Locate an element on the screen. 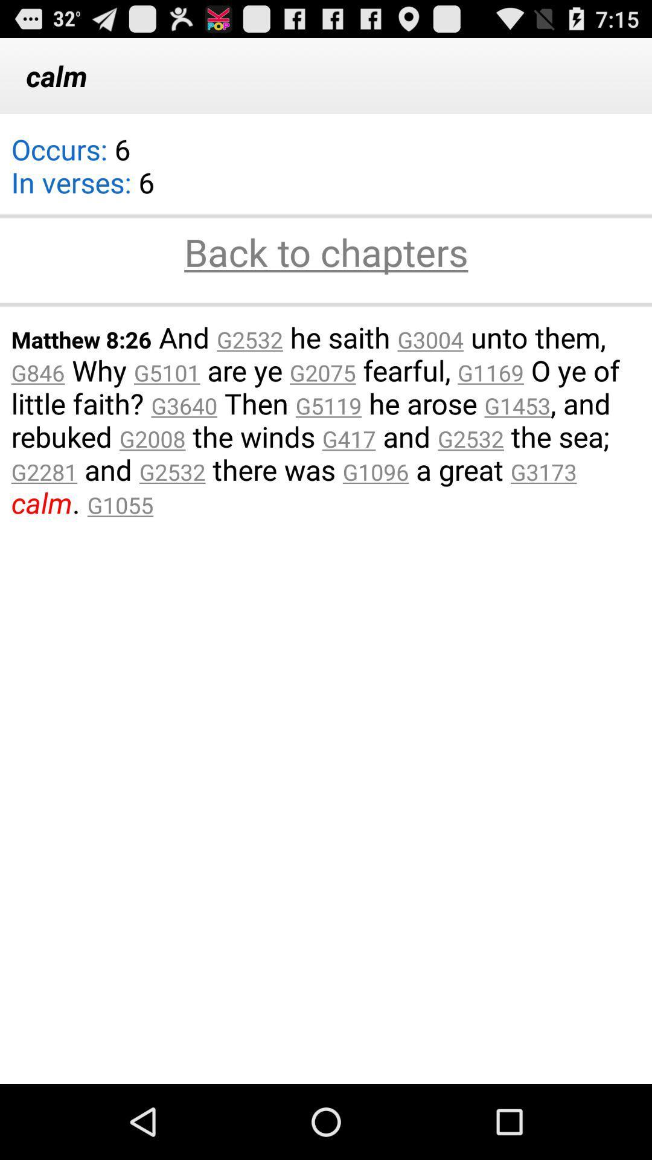 The height and width of the screenshot is (1160, 652). matthew 8 26 at the center is located at coordinates (326, 420).